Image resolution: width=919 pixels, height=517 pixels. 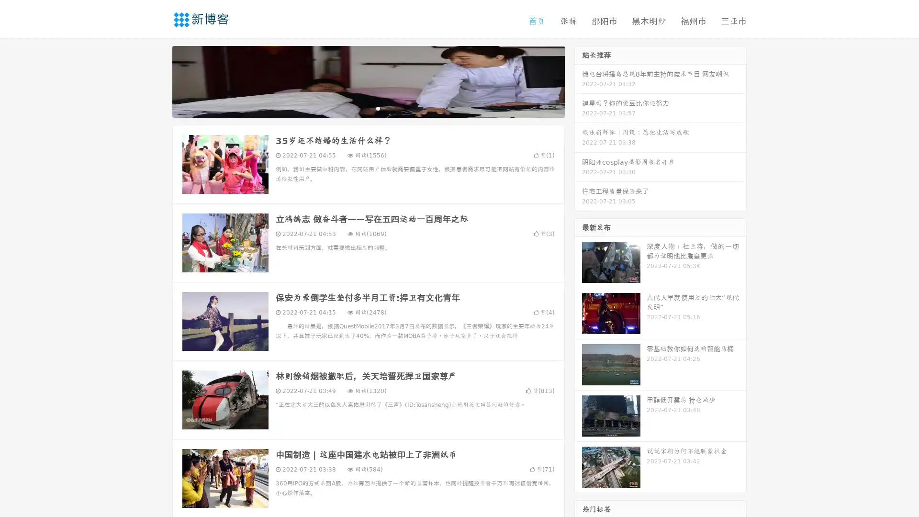 I want to click on Previous slide, so click(x=158, y=80).